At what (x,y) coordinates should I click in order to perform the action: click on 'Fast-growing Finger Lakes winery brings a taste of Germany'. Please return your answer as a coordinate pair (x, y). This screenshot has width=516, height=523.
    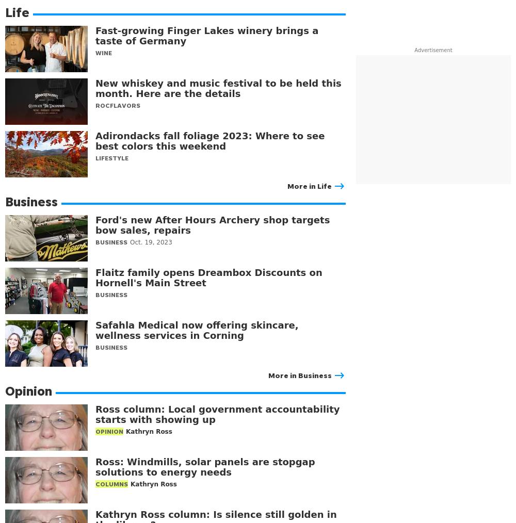
    Looking at the image, I should click on (207, 35).